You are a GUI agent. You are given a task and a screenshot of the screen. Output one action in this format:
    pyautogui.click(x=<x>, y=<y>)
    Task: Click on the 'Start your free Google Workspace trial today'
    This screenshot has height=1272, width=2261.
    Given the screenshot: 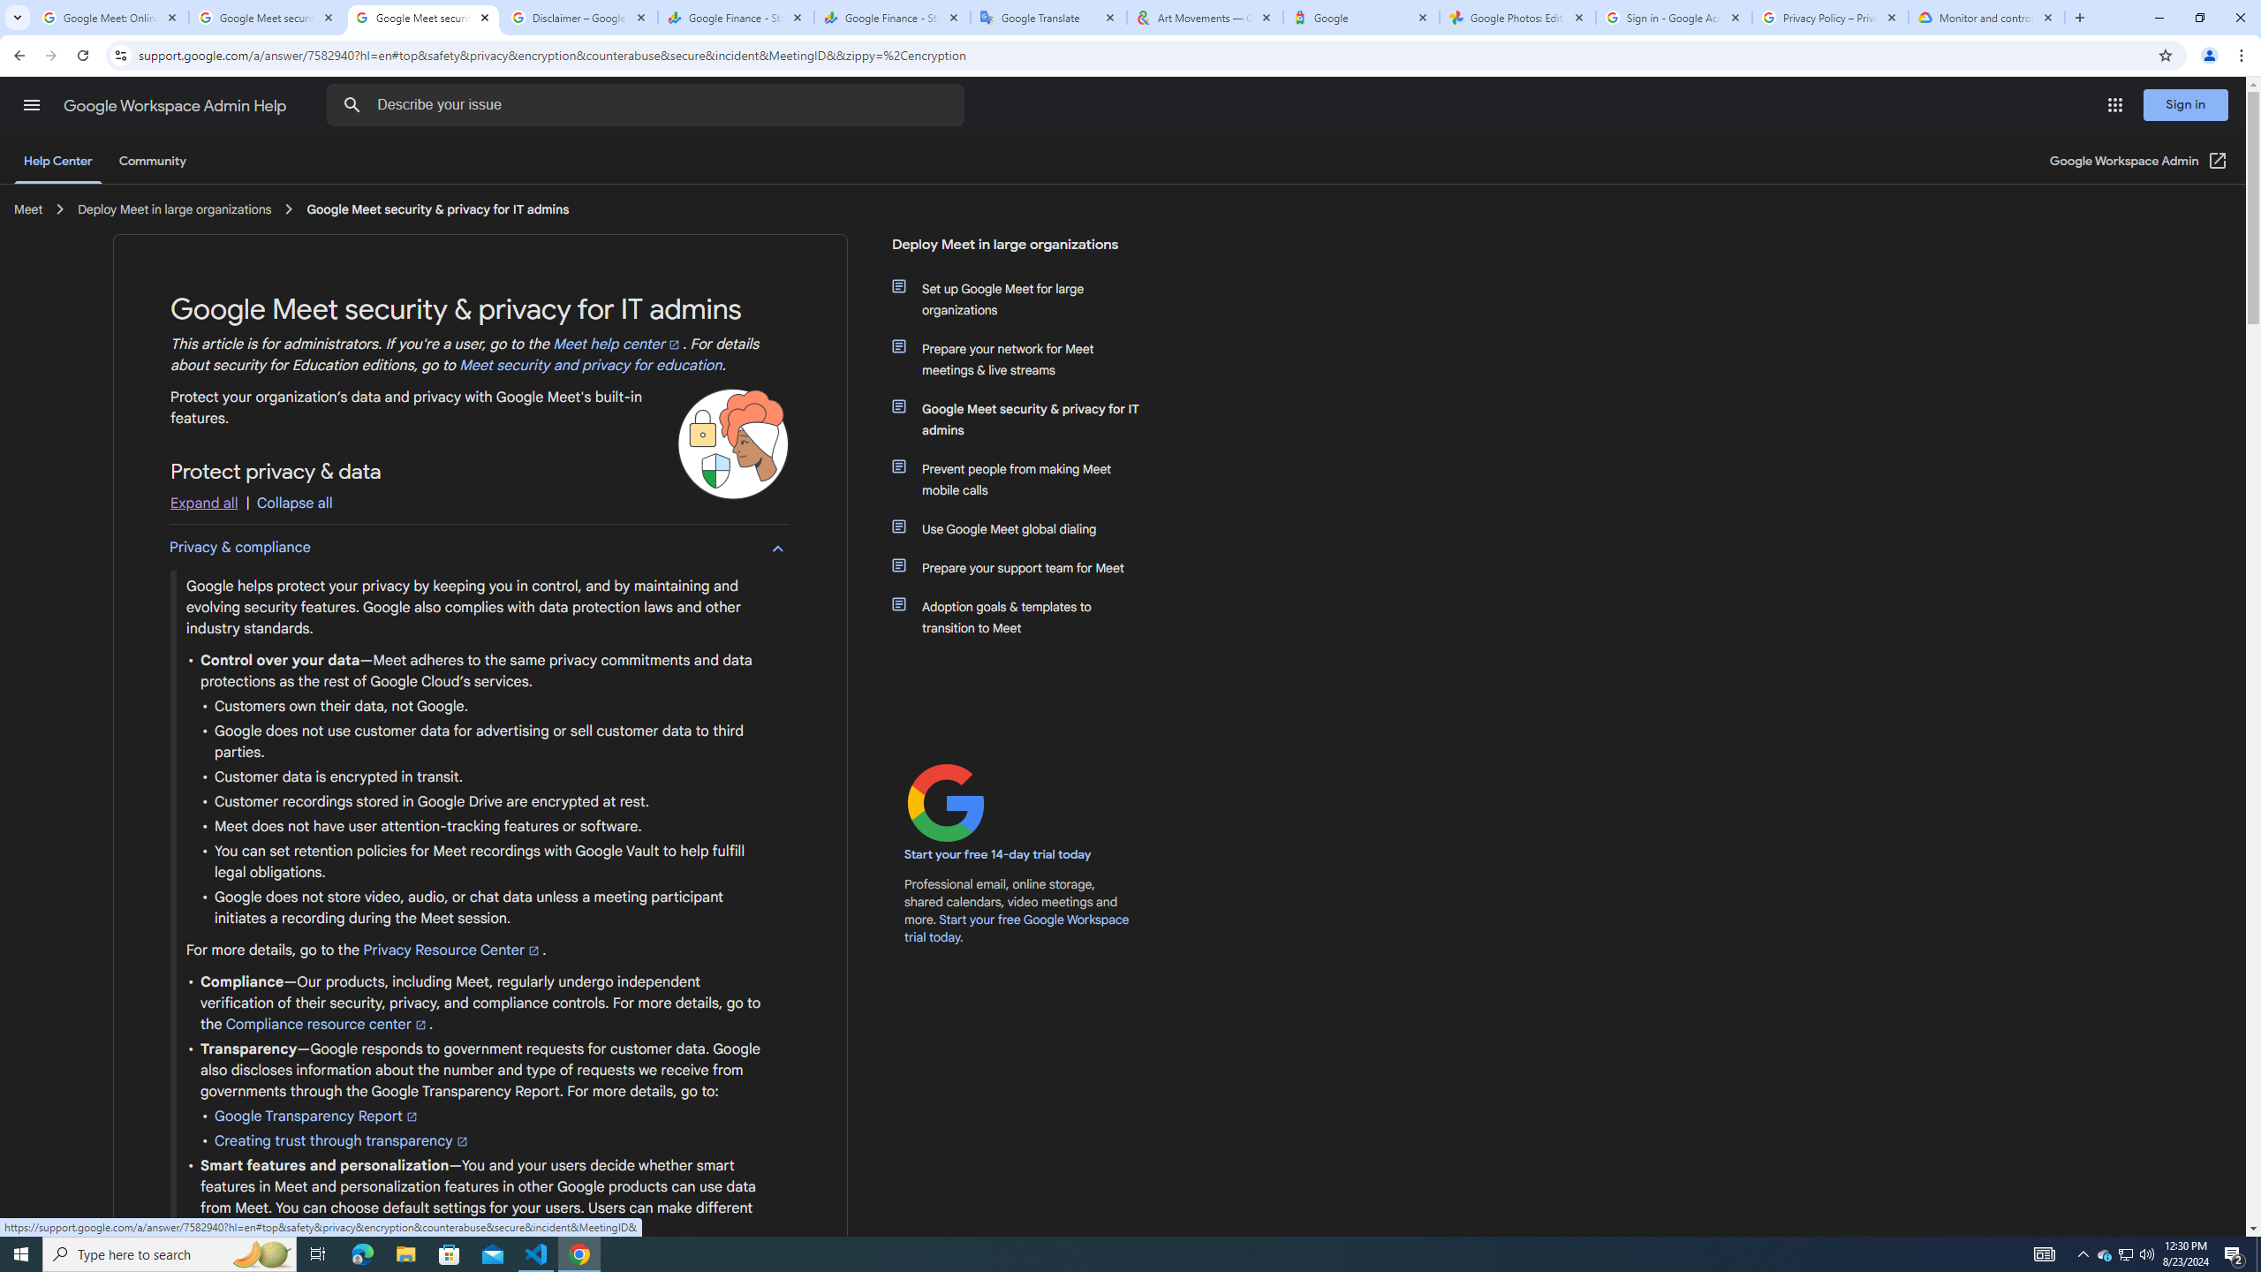 What is the action you would take?
    pyautogui.click(x=1017, y=927)
    